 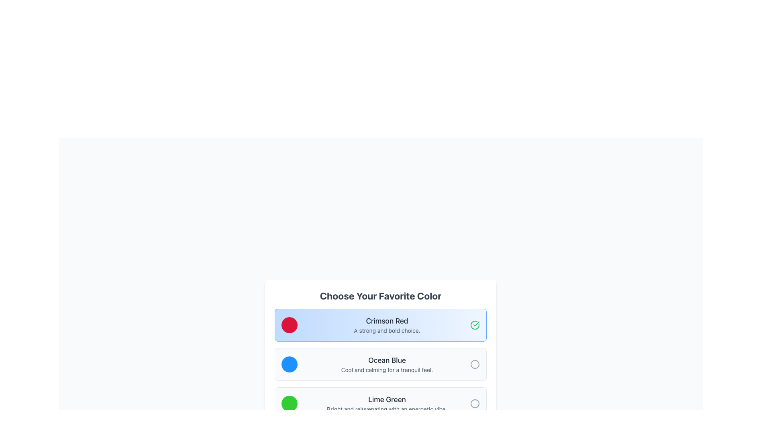 What do you see at coordinates (475, 403) in the screenshot?
I see `the circular icon or status indicator that is gray and located to the far right of the content section associated with the 'Lime Green' color option` at bounding box center [475, 403].